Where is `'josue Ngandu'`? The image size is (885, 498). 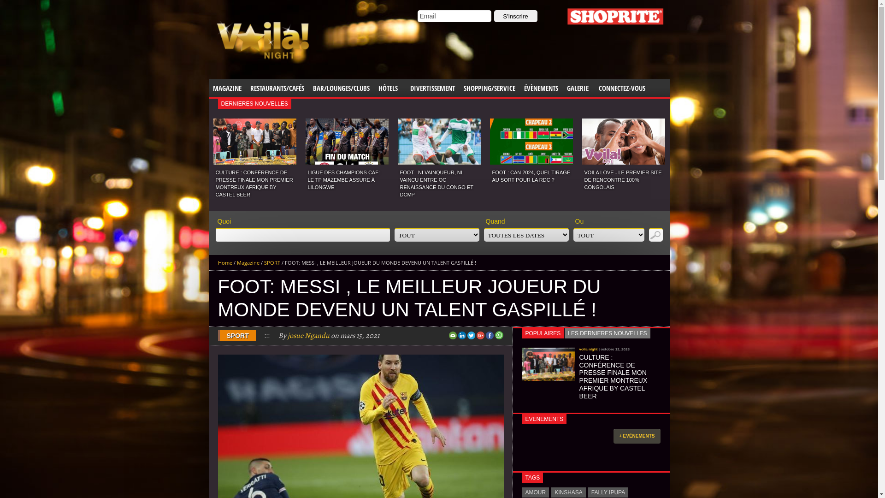
'josue Ngandu' is located at coordinates (308, 336).